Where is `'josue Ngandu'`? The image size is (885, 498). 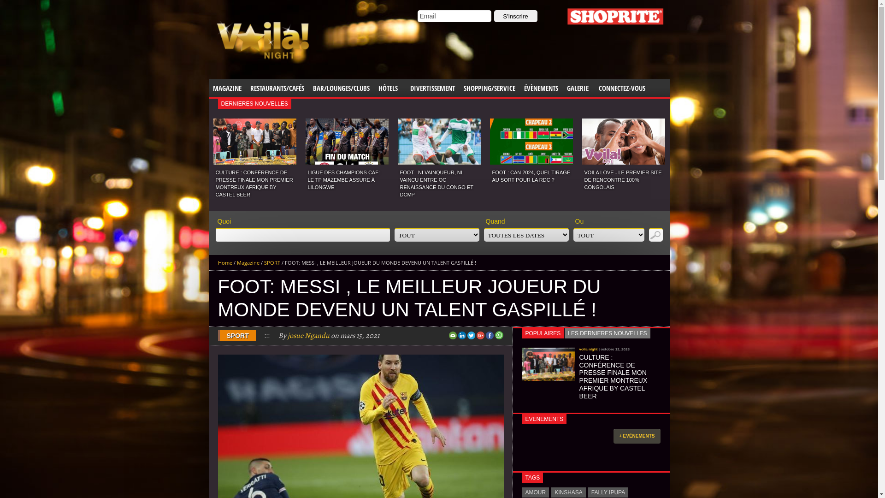
'josue Ngandu' is located at coordinates (308, 336).